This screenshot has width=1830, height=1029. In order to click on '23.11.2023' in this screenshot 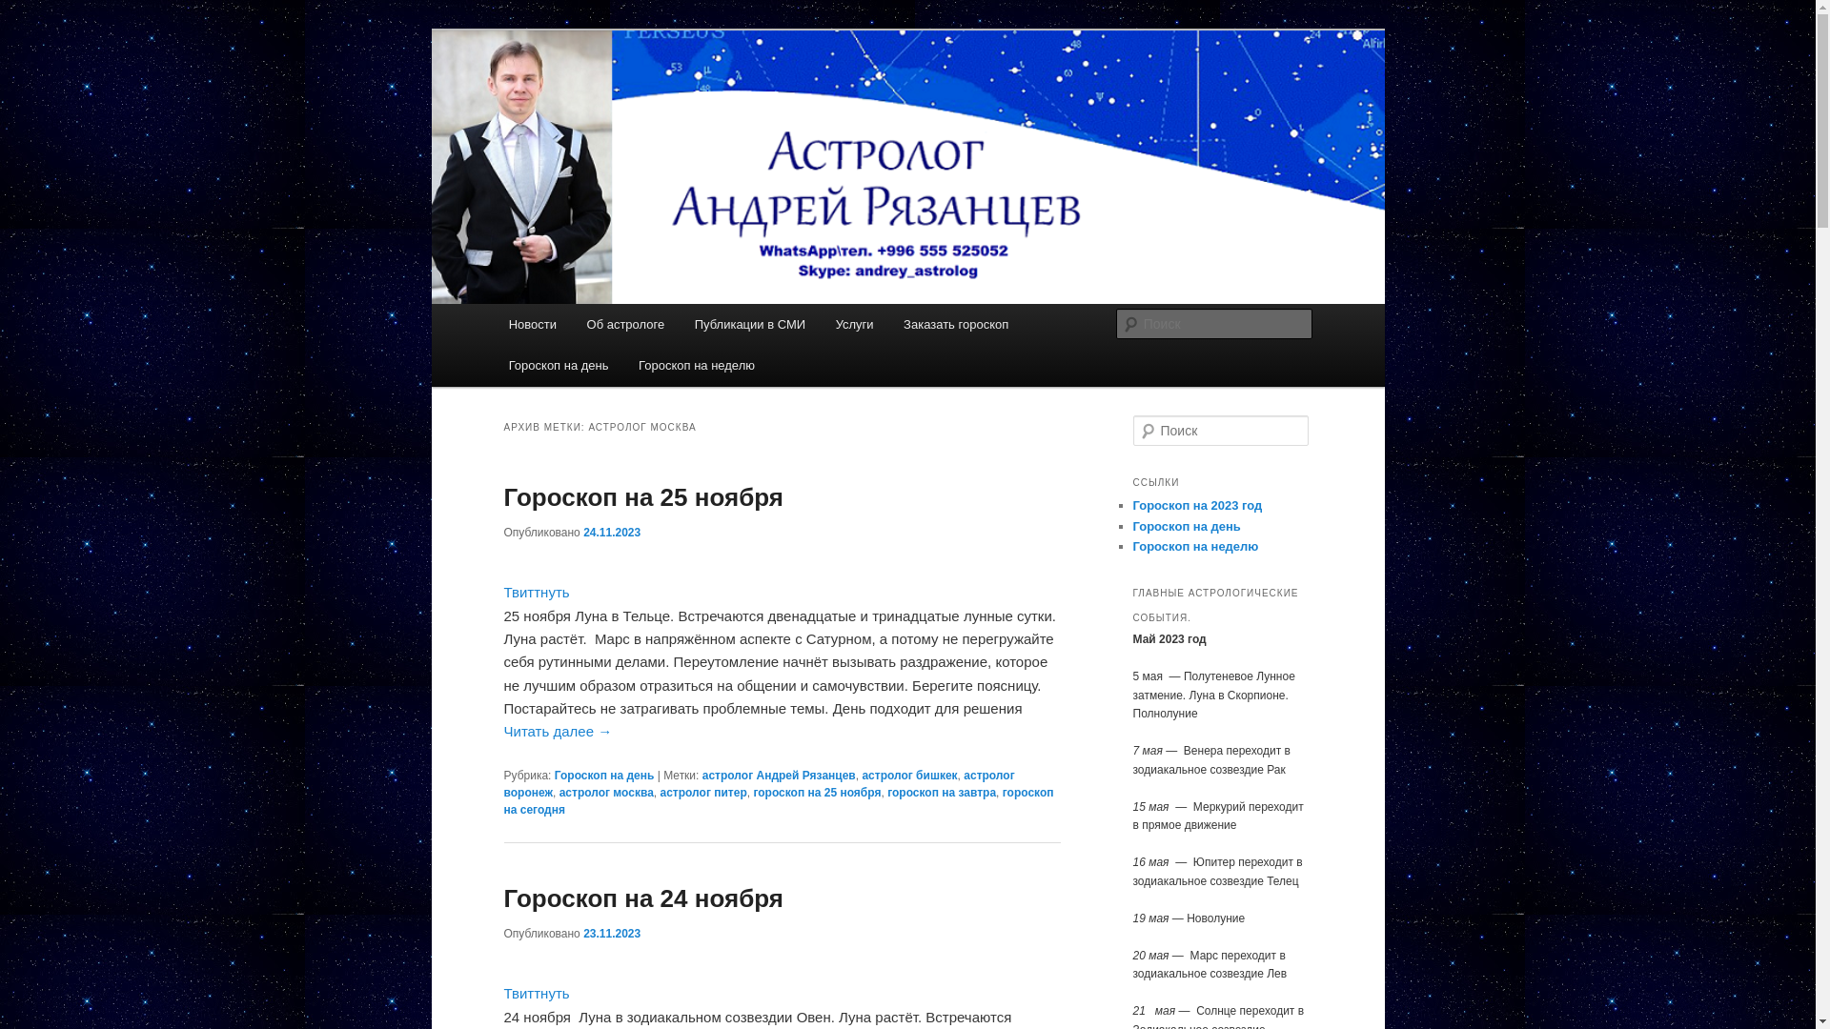, I will do `click(612, 932)`.